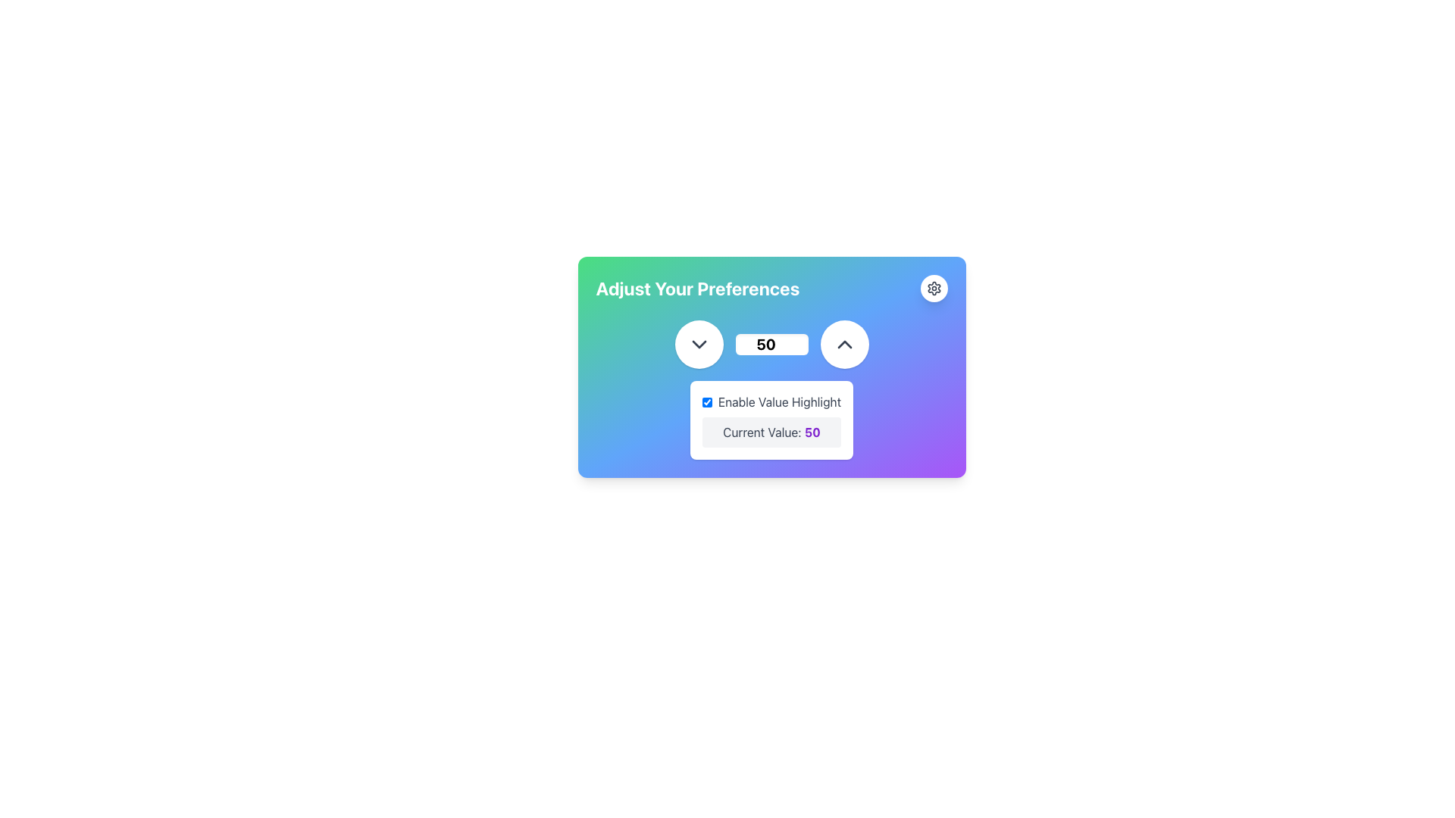 The image size is (1455, 818). What do you see at coordinates (698, 345) in the screenshot?
I see `the chevron down icon located at the lower right corner of the 'Adjust Your Preferences' interface card` at bounding box center [698, 345].